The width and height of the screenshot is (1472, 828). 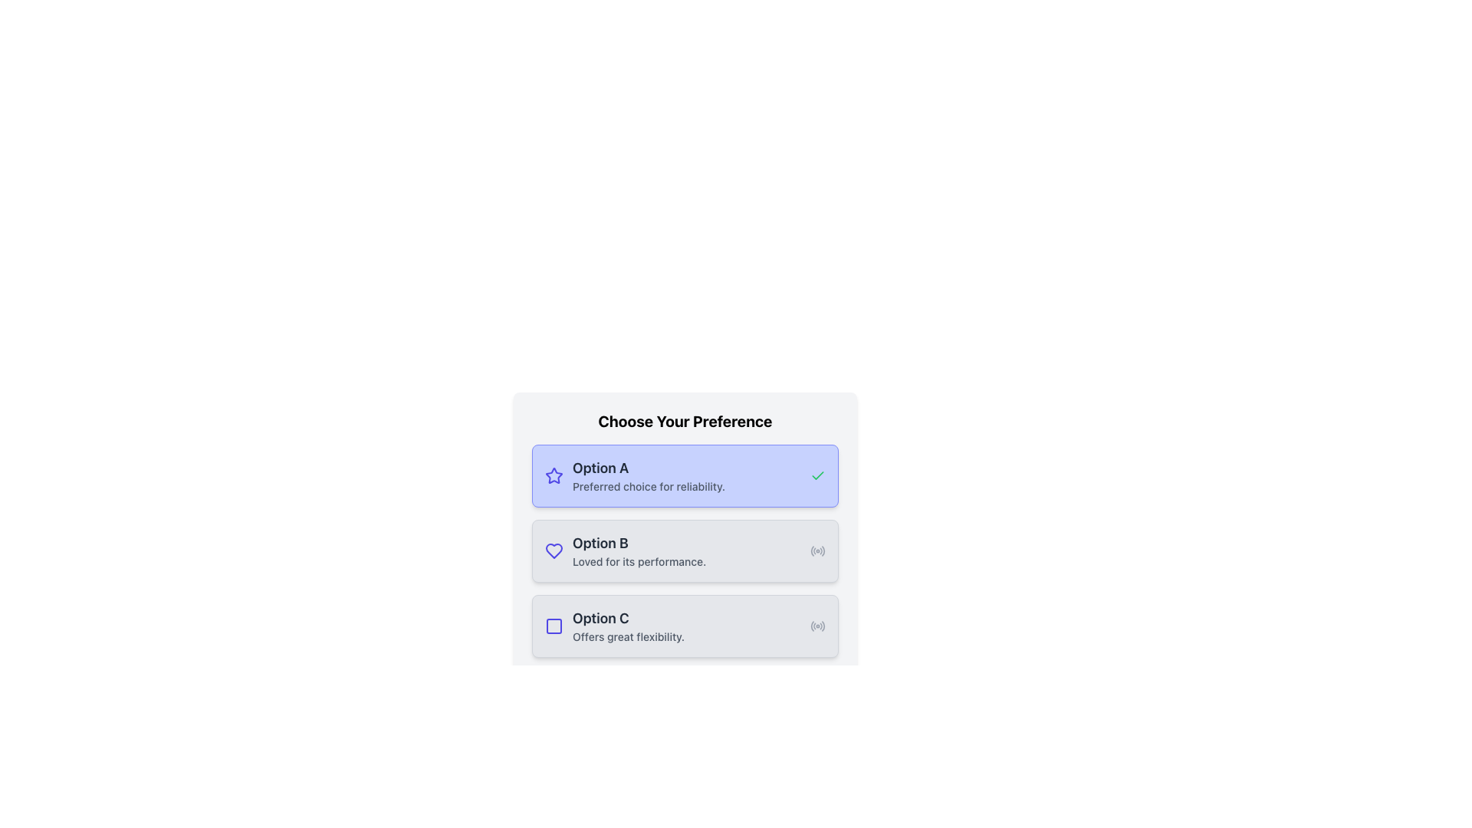 What do you see at coordinates (686, 550) in the screenshot?
I see `the Text block (descriptive content) positioned on the second row of options, between 'Option A' and 'Option C'` at bounding box center [686, 550].